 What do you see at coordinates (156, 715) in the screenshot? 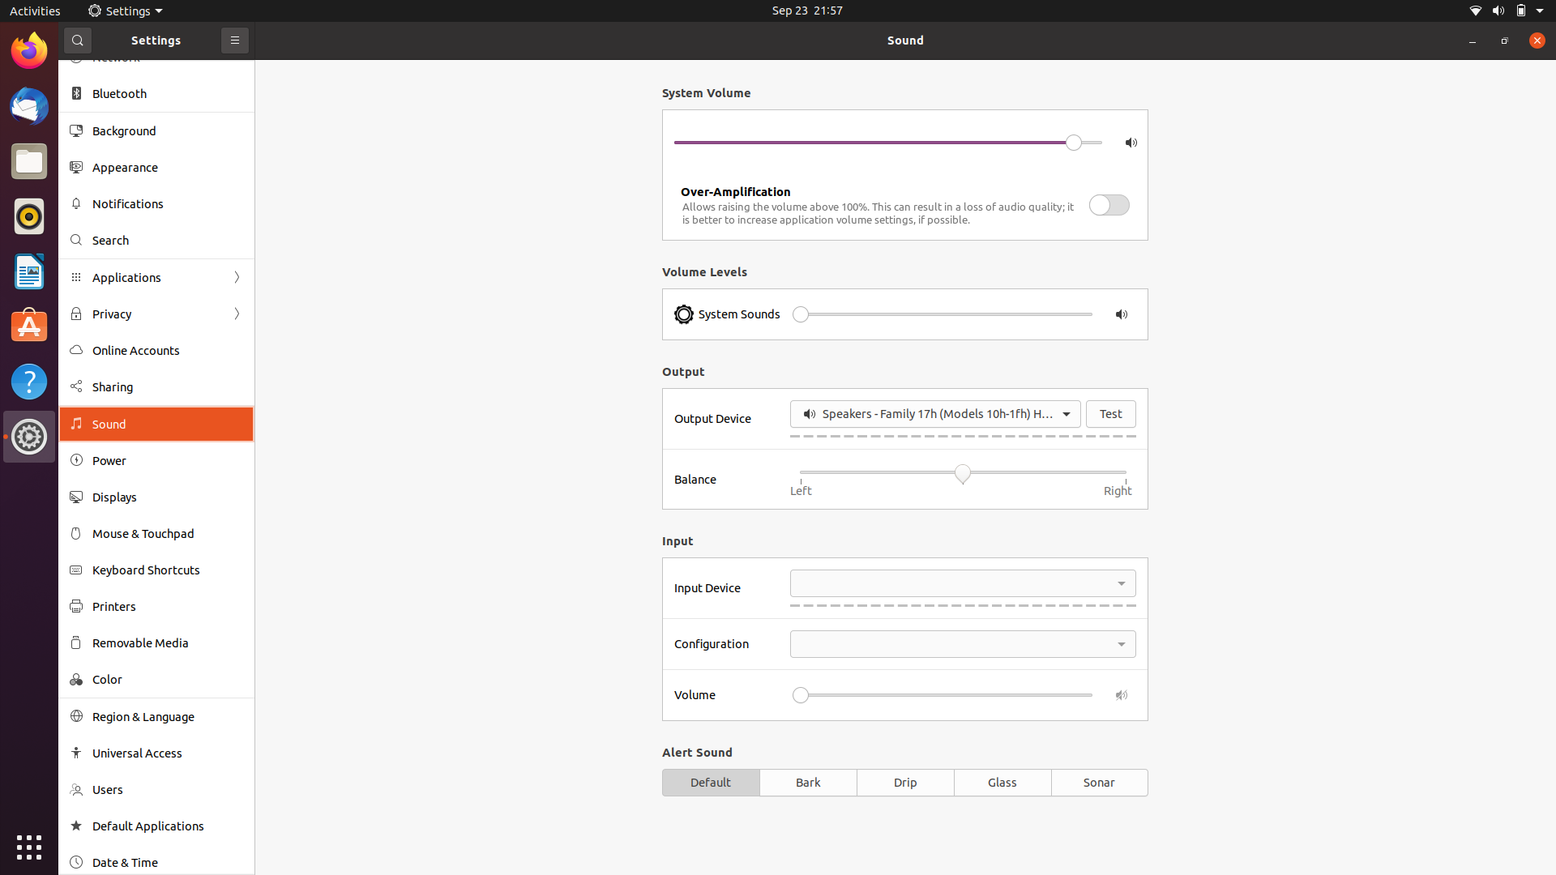
I see `Adjust settings for language and region` at bounding box center [156, 715].